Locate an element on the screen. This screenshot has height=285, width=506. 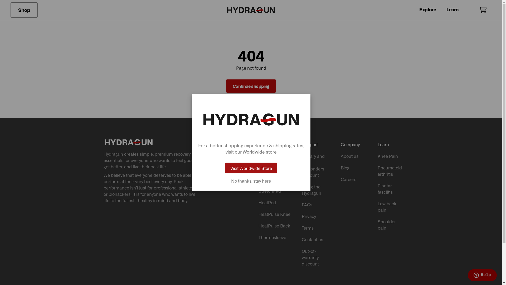
'Careers' is located at coordinates (354, 179).